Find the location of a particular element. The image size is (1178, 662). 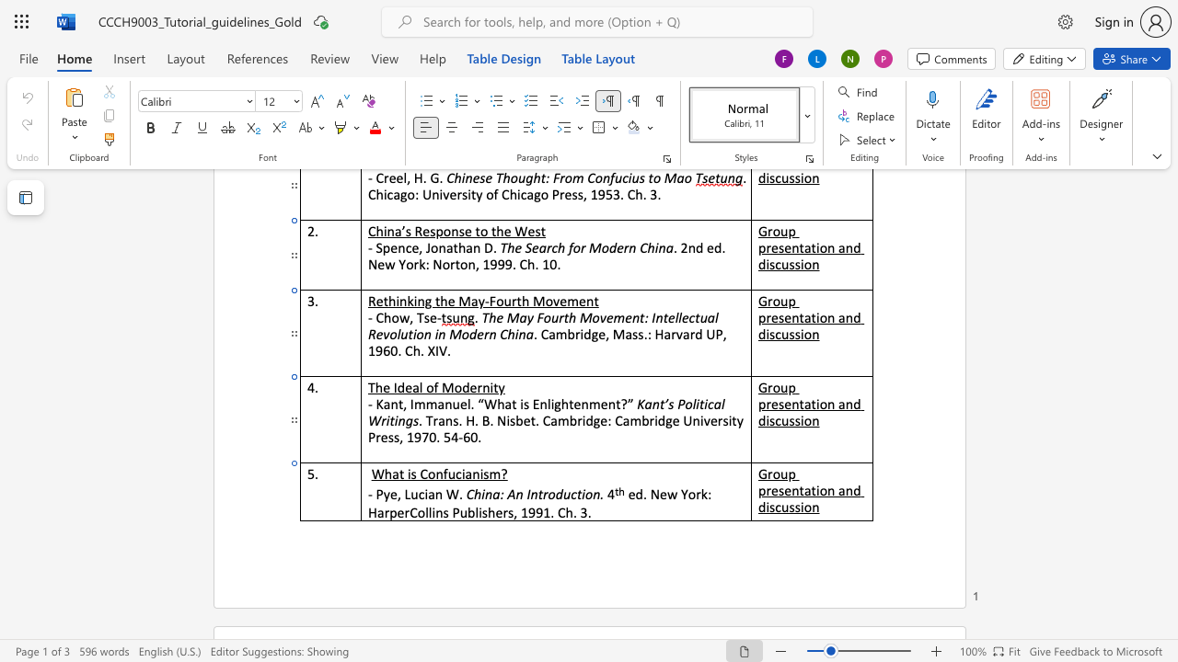

the space between the continuous character "a" and "t" in the text is located at coordinates (398, 473).